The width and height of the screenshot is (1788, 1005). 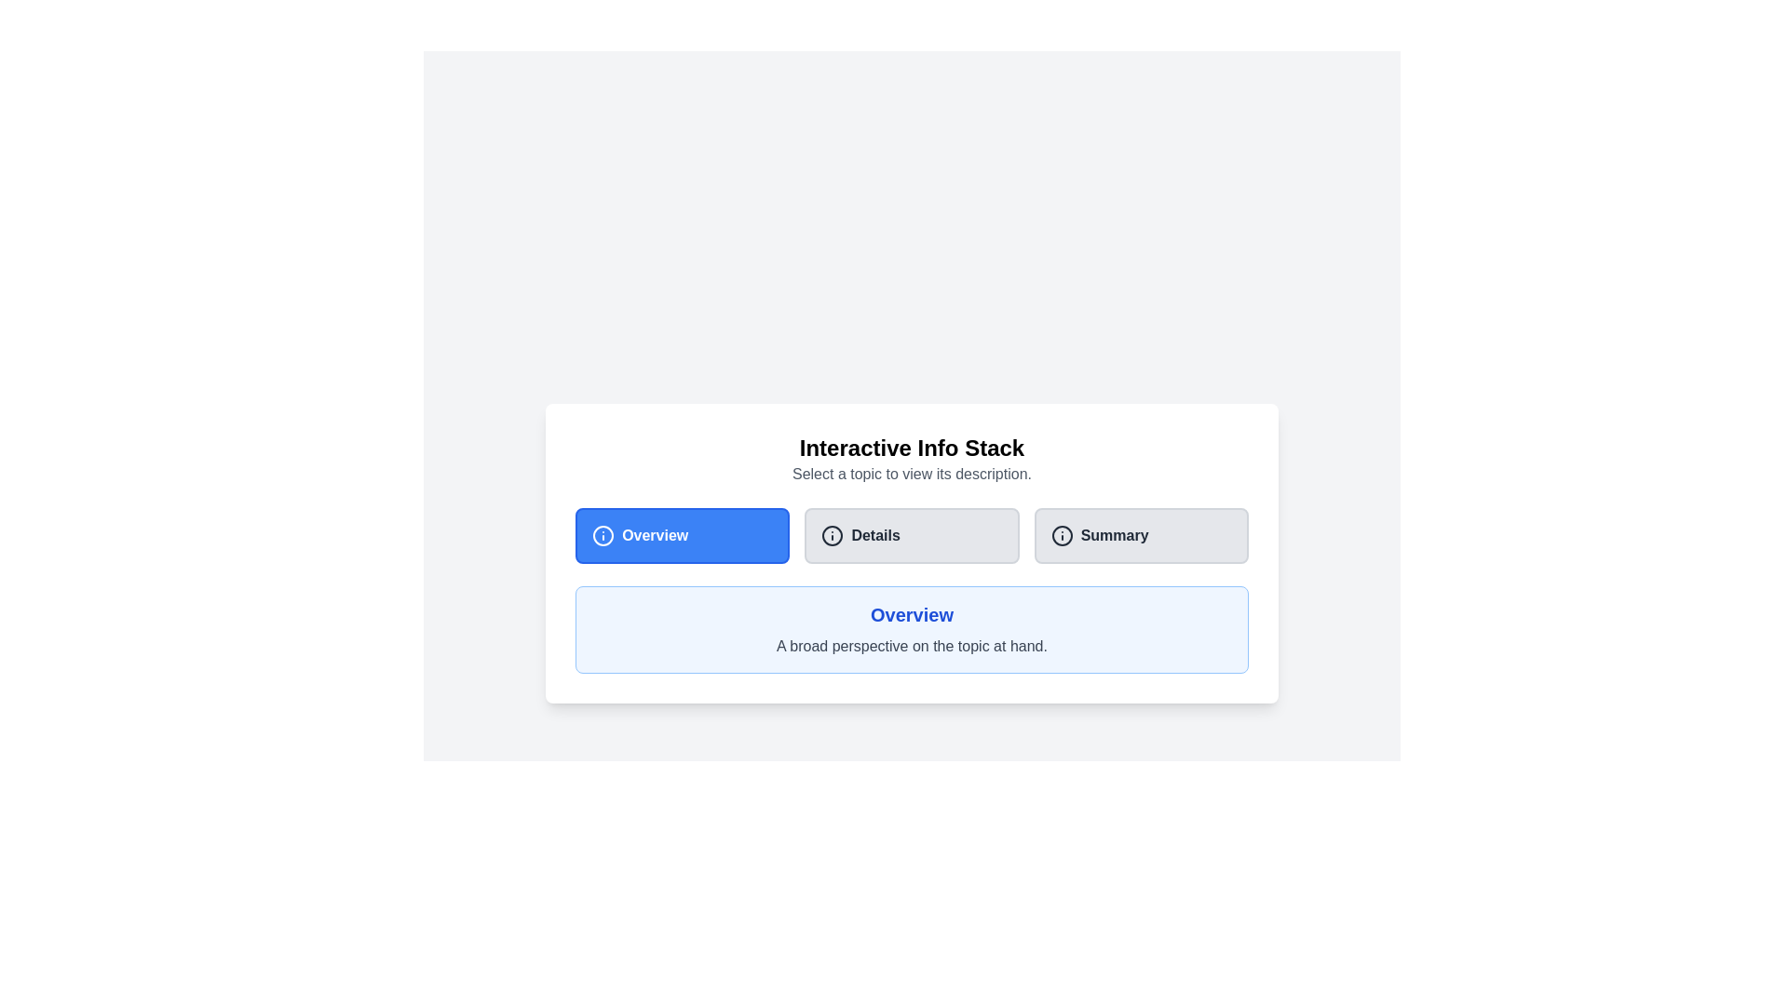 What do you see at coordinates (1115, 535) in the screenshot?
I see `the 'Summary' text label, which serves as the title for the section and is the last element in a horizontal layout of buttons within a UI card` at bounding box center [1115, 535].